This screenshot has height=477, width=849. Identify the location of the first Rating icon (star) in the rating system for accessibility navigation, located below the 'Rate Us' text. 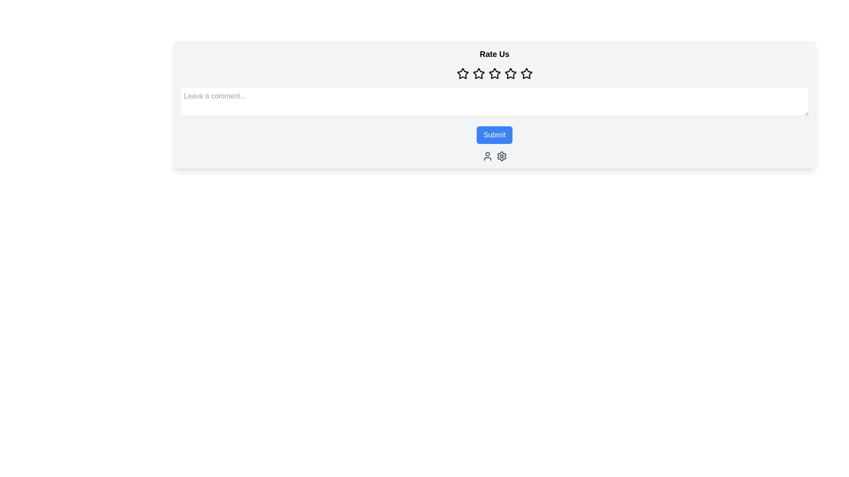
(462, 73).